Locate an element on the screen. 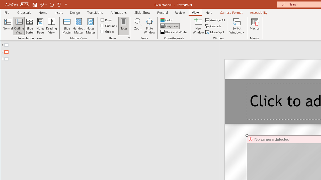 This screenshot has width=321, height=180. 'Color' is located at coordinates (167, 20).